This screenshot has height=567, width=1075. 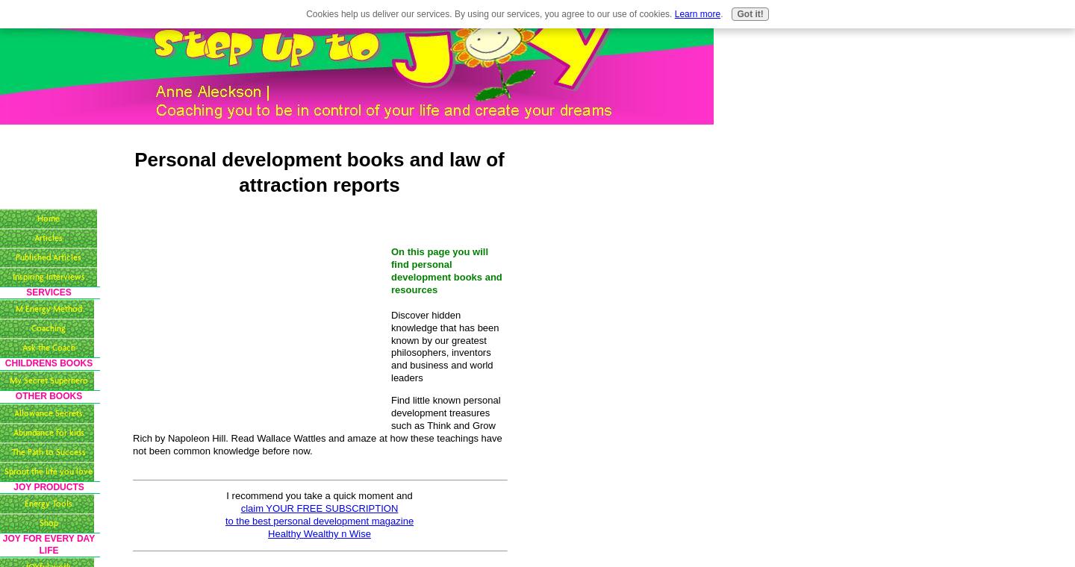 I want to click on 'Got it!', so click(x=735, y=13).